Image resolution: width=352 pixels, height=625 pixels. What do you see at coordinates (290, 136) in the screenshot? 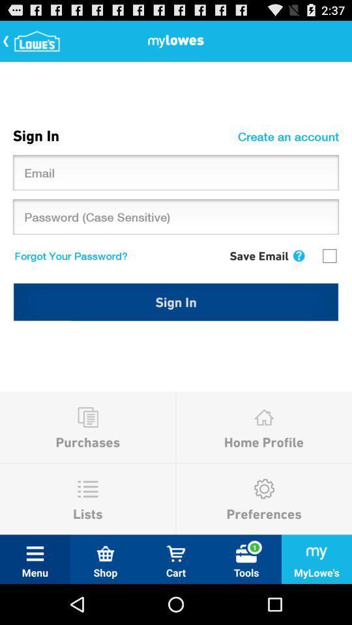
I see `create an account at the top right corner` at bounding box center [290, 136].